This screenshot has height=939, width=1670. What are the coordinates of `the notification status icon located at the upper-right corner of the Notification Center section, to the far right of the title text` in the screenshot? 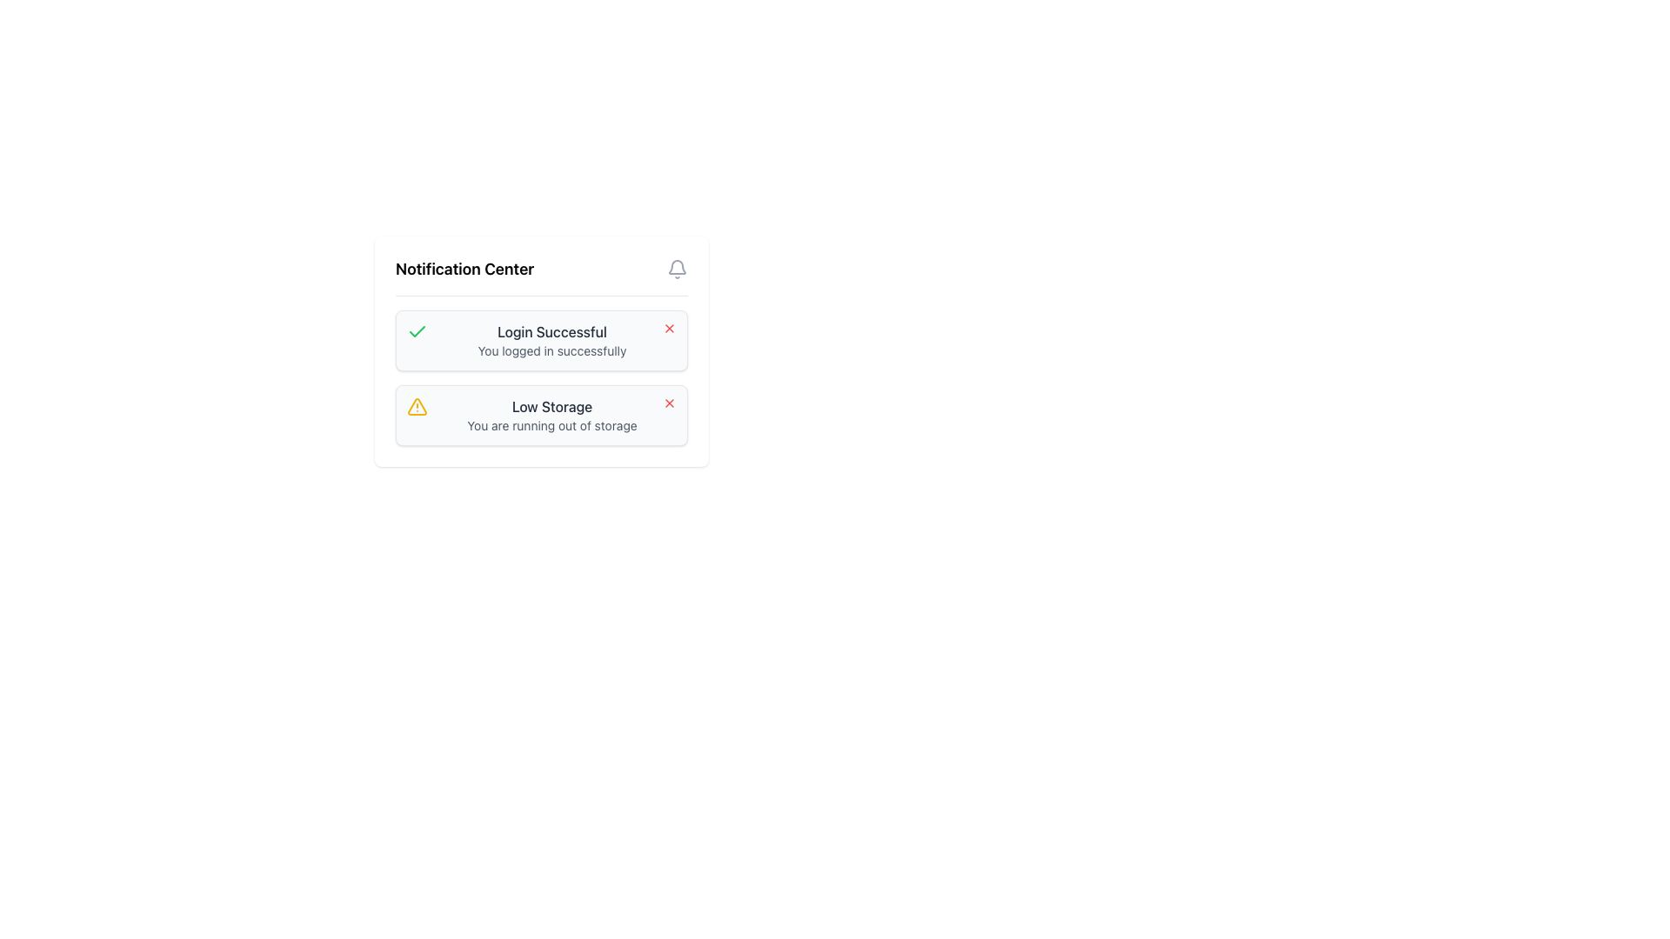 It's located at (676, 269).